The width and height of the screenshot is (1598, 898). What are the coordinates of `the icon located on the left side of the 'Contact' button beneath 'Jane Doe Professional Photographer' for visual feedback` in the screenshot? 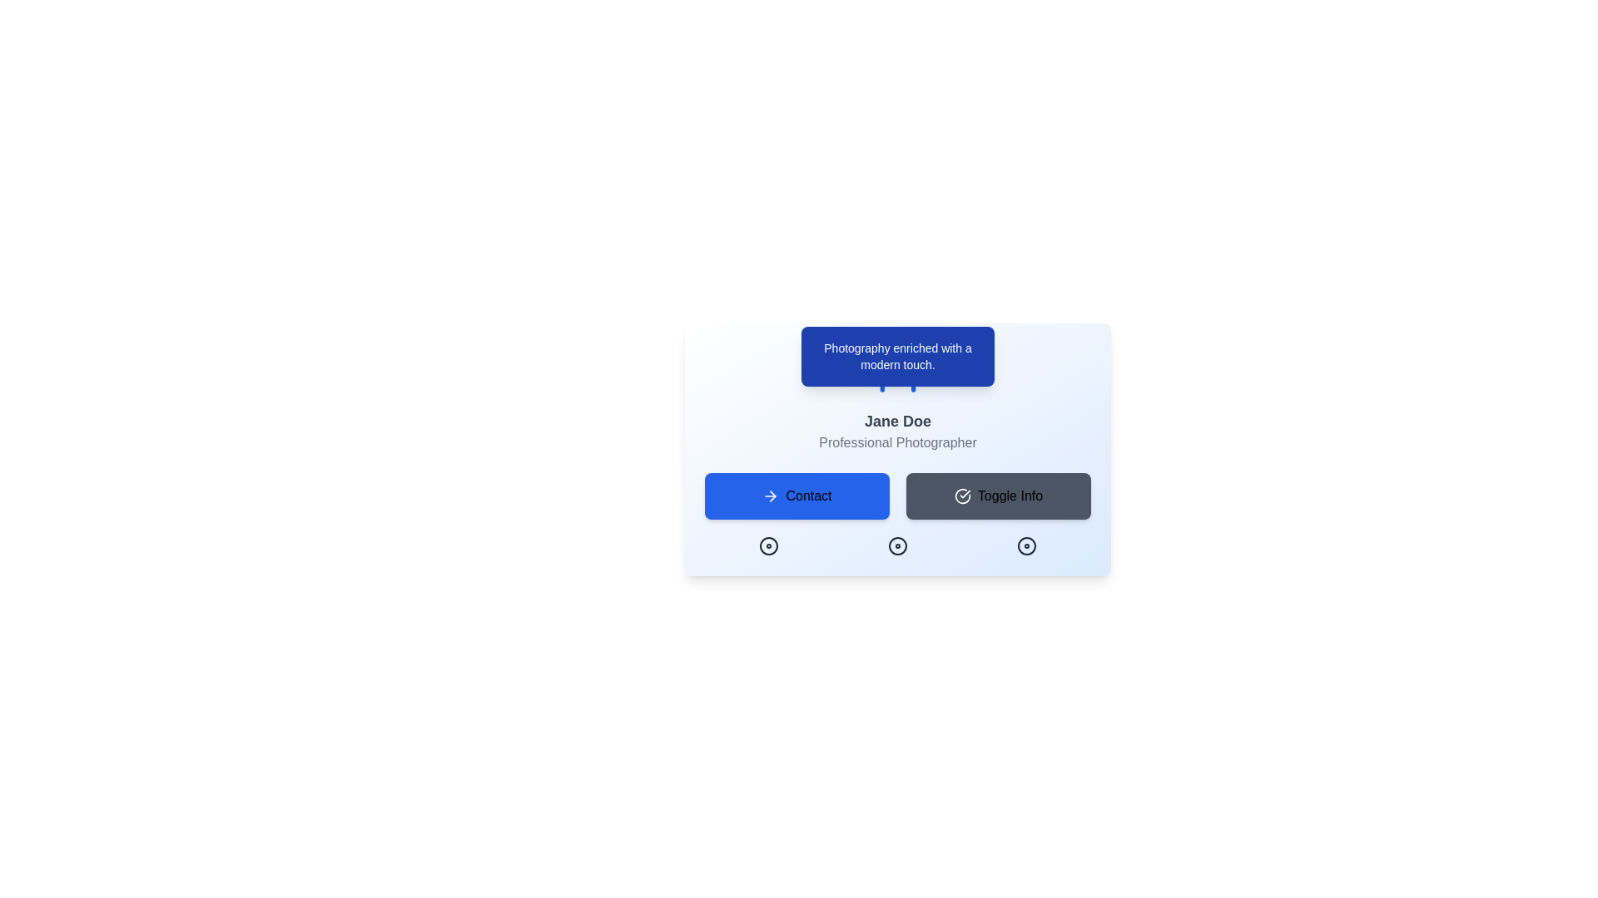 It's located at (770, 496).